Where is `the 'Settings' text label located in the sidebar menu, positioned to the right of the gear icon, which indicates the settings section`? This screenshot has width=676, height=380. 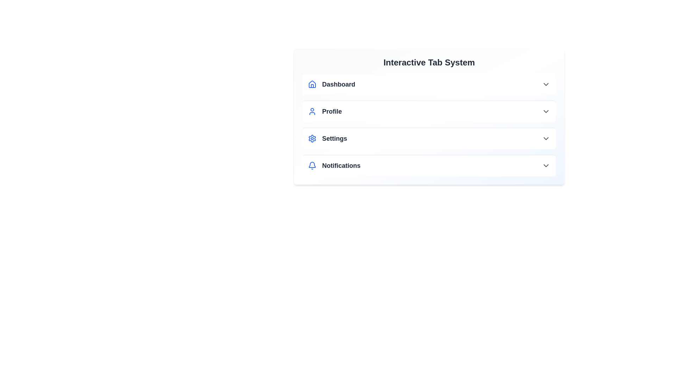 the 'Settings' text label located in the sidebar menu, positioned to the right of the gear icon, which indicates the settings section is located at coordinates (334, 138).